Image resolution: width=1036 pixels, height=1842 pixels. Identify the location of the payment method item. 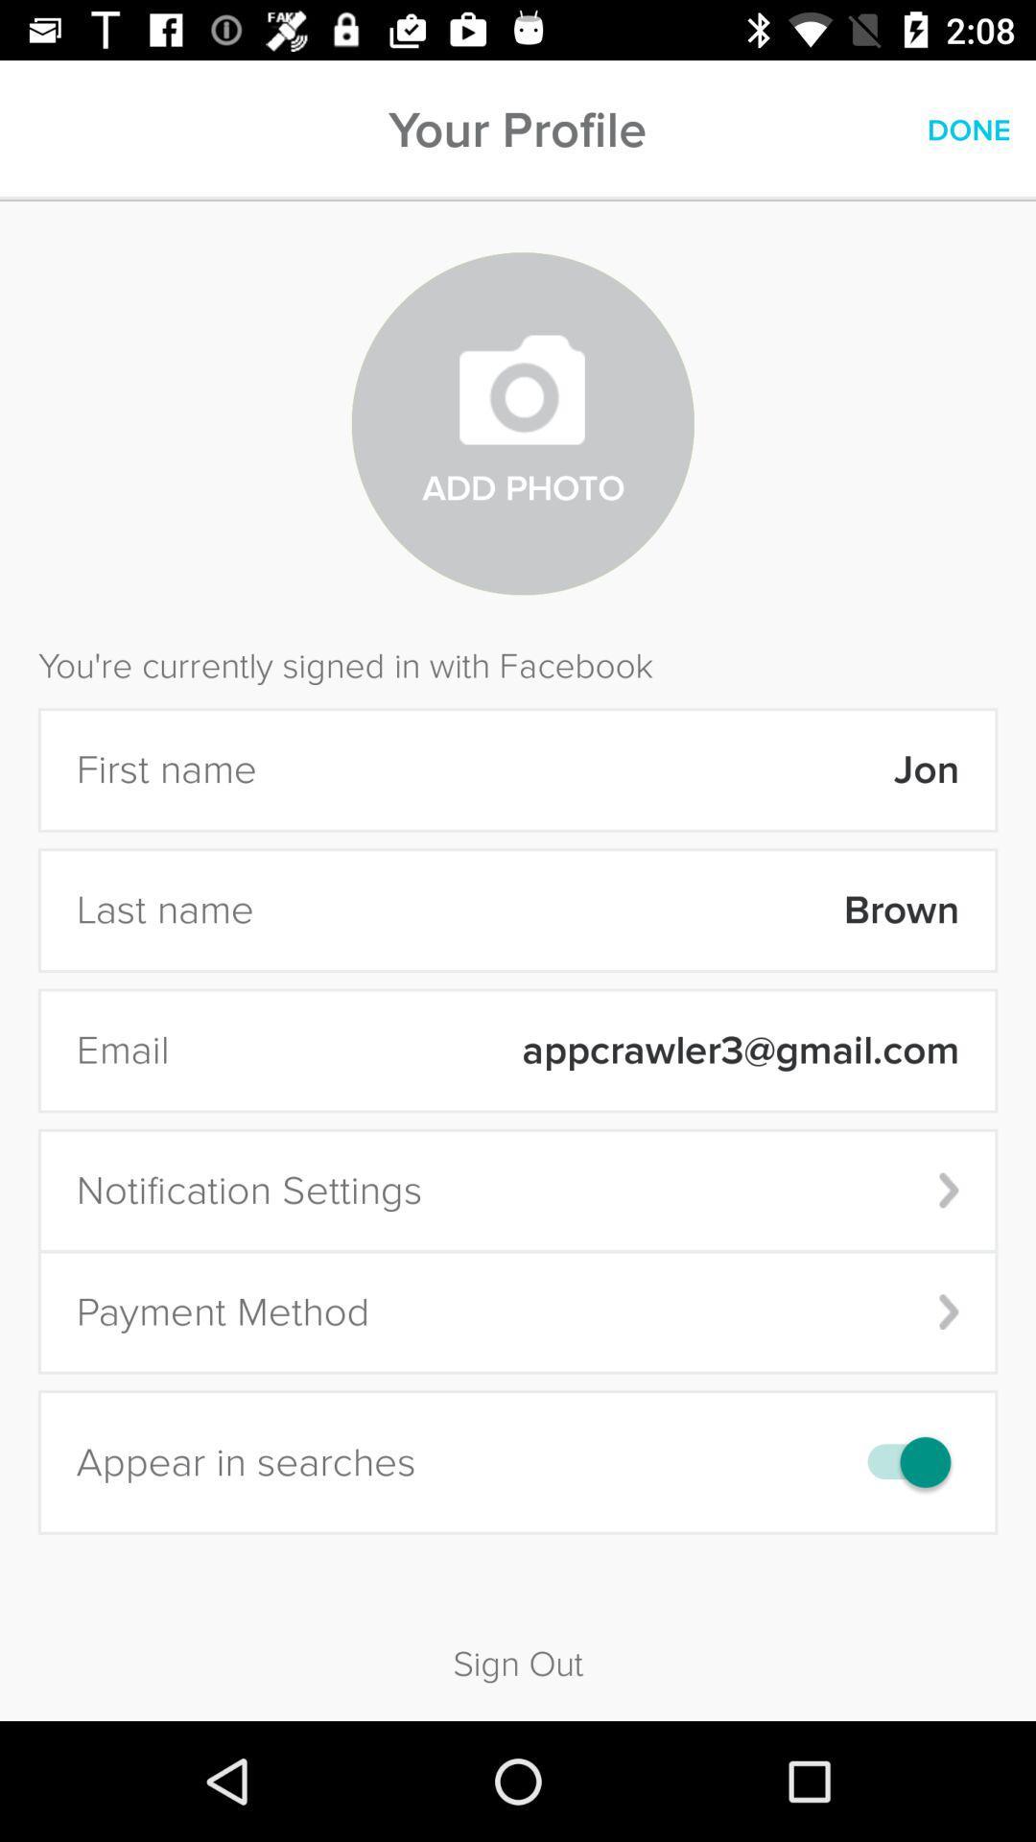
(518, 1311).